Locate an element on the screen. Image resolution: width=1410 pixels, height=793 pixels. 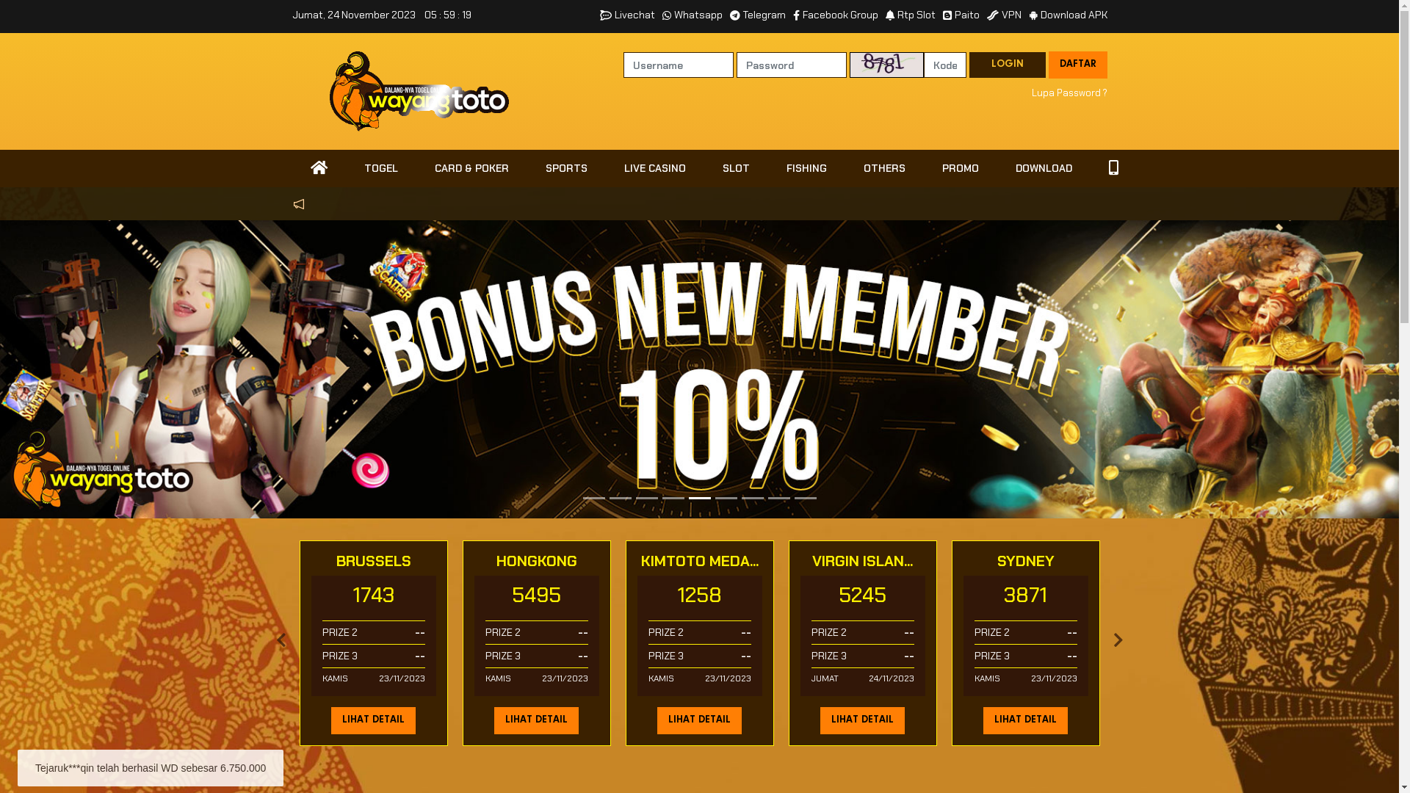
'Lupa Password ?' is located at coordinates (1069, 93).